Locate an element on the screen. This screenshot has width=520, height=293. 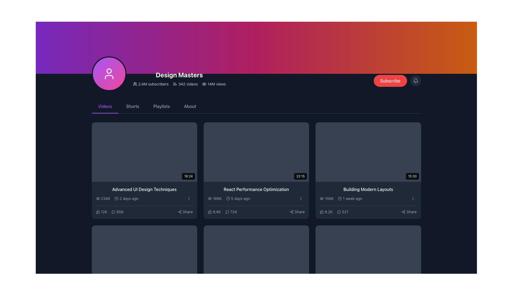
the eye icon representing views located in the 'Advanced UI Design Techniques' video card, positioned beside the '234K' text is located at coordinates (98, 199).